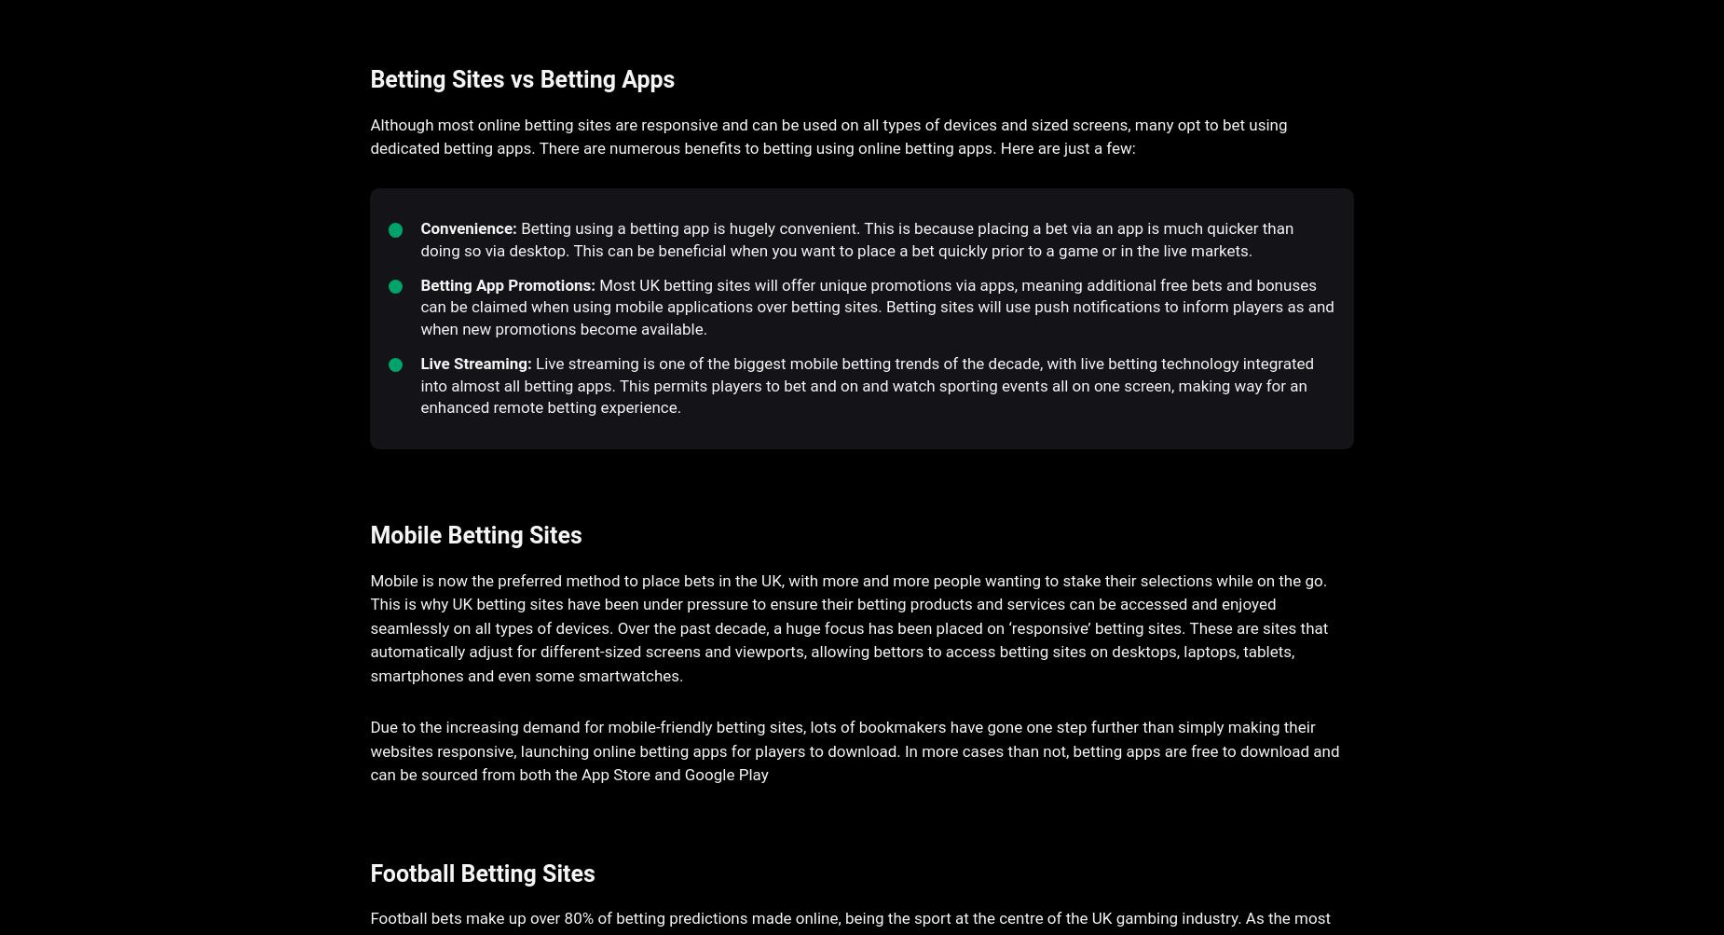 Image resolution: width=1724 pixels, height=935 pixels. Describe the element at coordinates (475, 534) in the screenshot. I see `'Mobile Betting Sites'` at that location.